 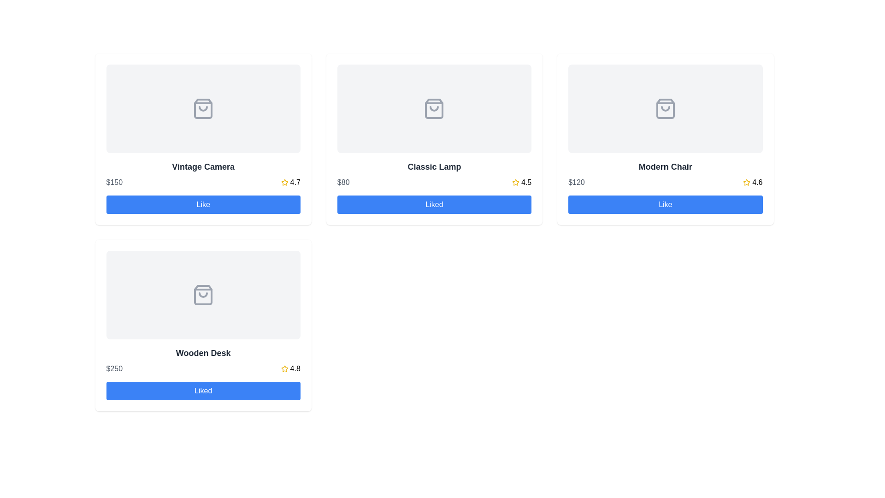 I want to click on the 'Liked' button with a blue background located at the bottom of the 'Wooden Desk' product card, so click(x=203, y=391).